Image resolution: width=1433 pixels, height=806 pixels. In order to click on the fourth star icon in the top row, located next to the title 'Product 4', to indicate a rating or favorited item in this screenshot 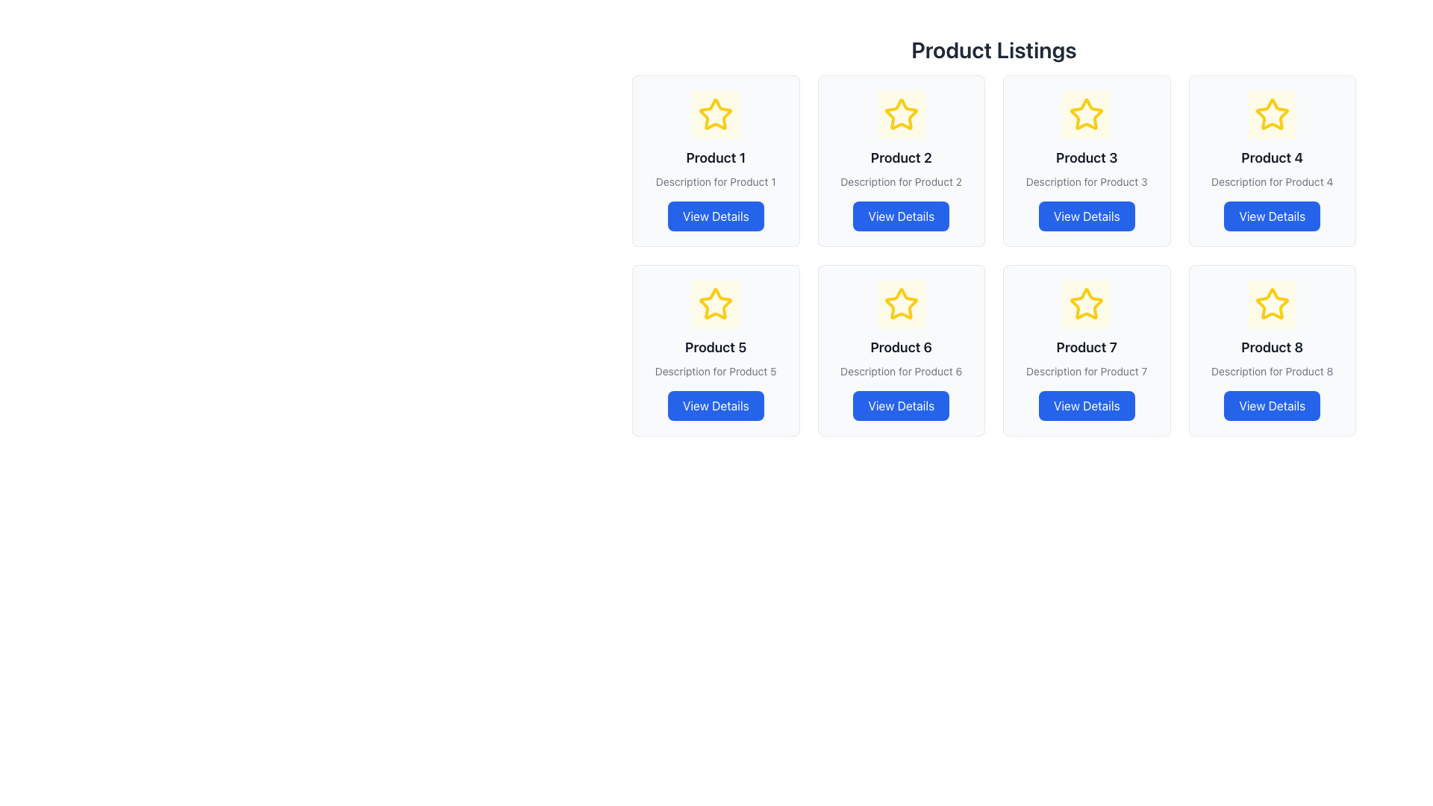, I will do `click(1271, 113)`.